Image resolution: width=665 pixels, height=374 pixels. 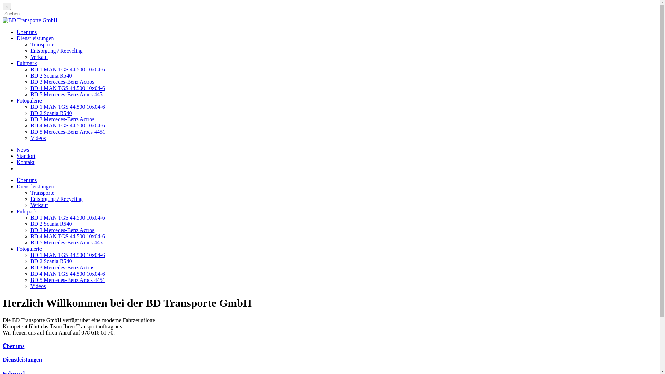 What do you see at coordinates (27, 63) in the screenshot?
I see `'Fuhrpark'` at bounding box center [27, 63].